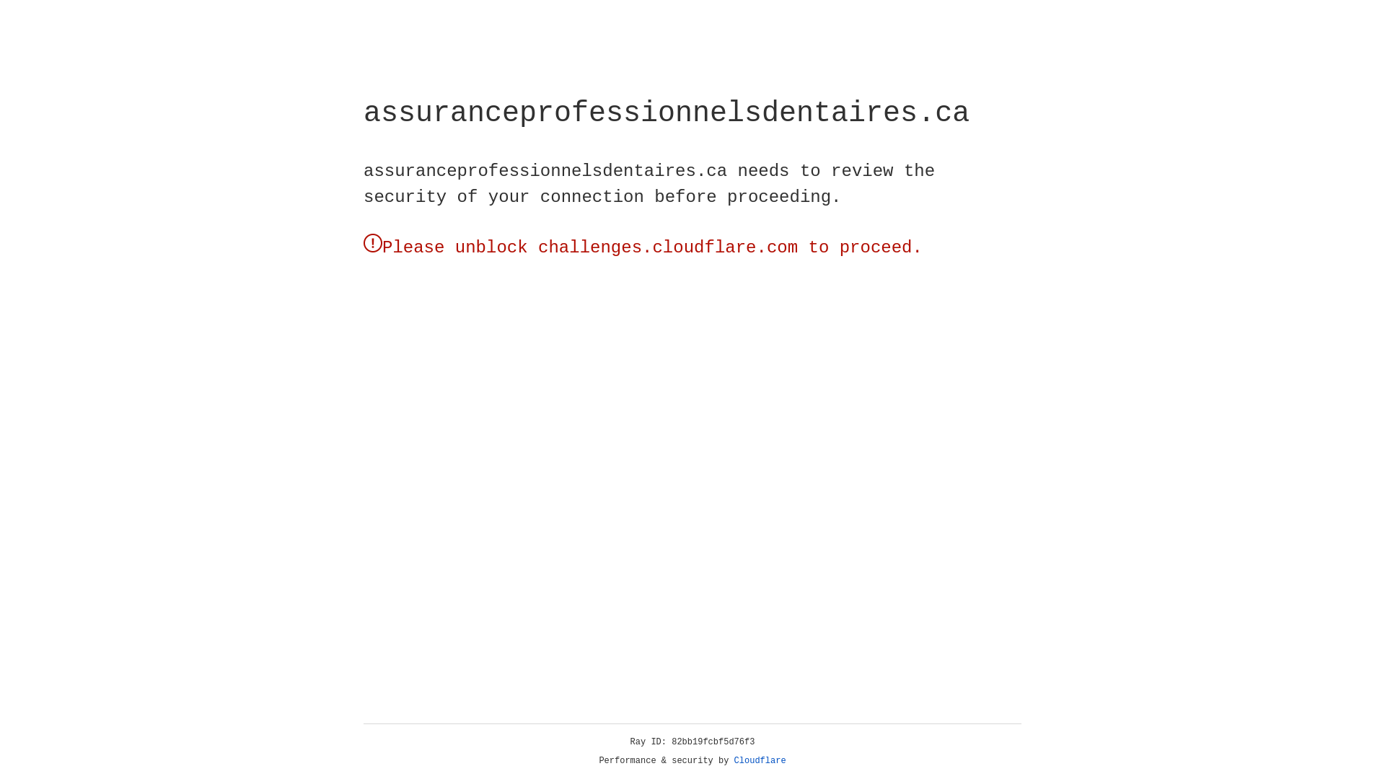 This screenshot has height=779, width=1385. Describe the element at coordinates (760, 760) in the screenshot. I see `'Cloudflare'` at that location.